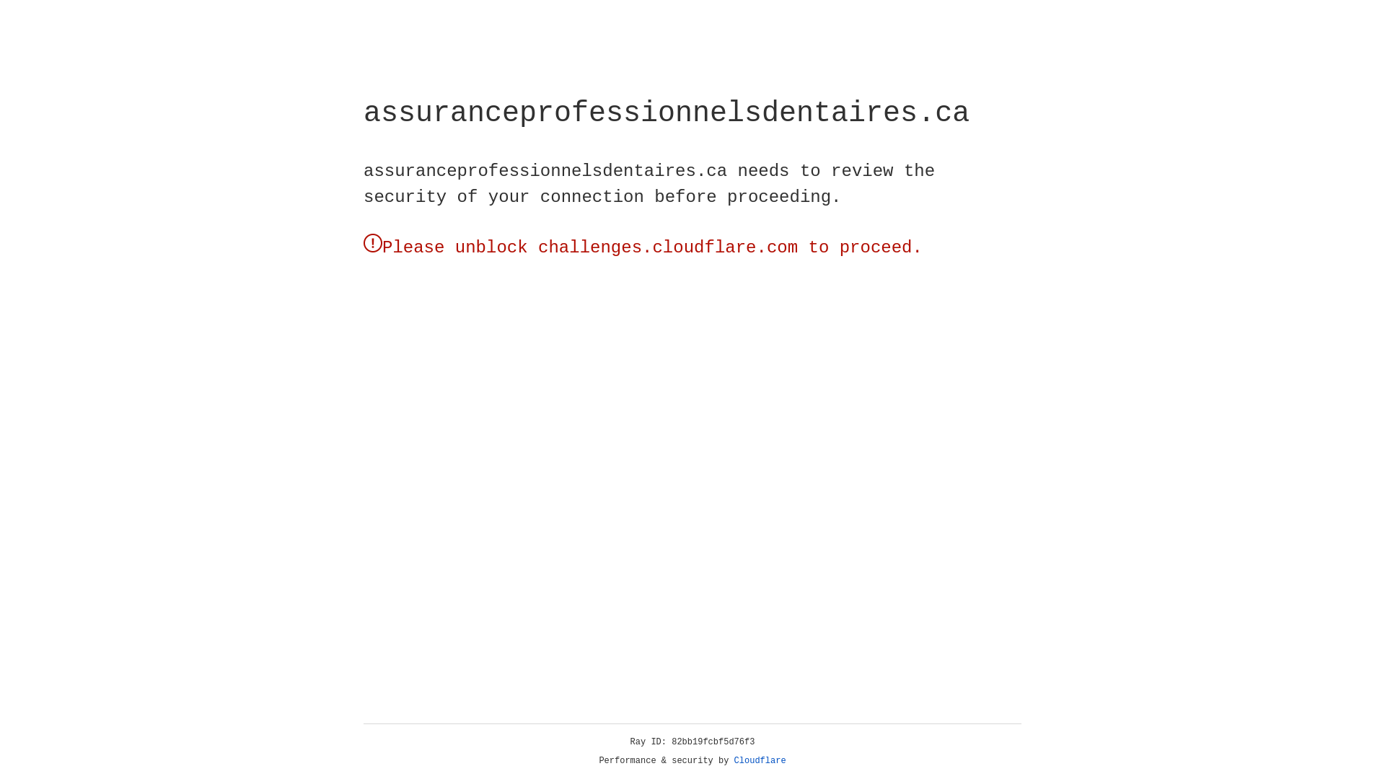 This screenshot has height=779, width=1385. Describe the element at coordinates (760, 760) in the screenshot. I see `'Cloudflare'` at that location.